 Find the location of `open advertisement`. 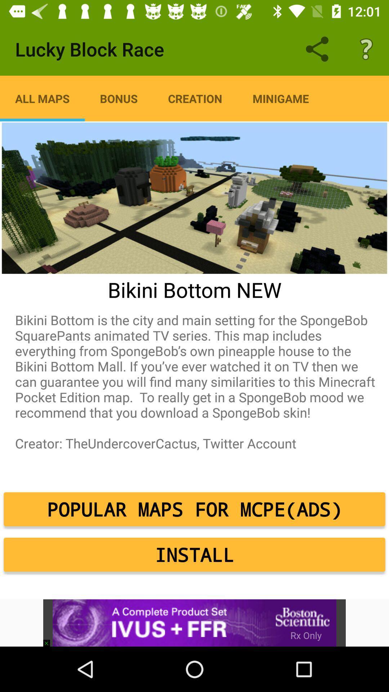

open advertisement is located at coordinates (194, 622).